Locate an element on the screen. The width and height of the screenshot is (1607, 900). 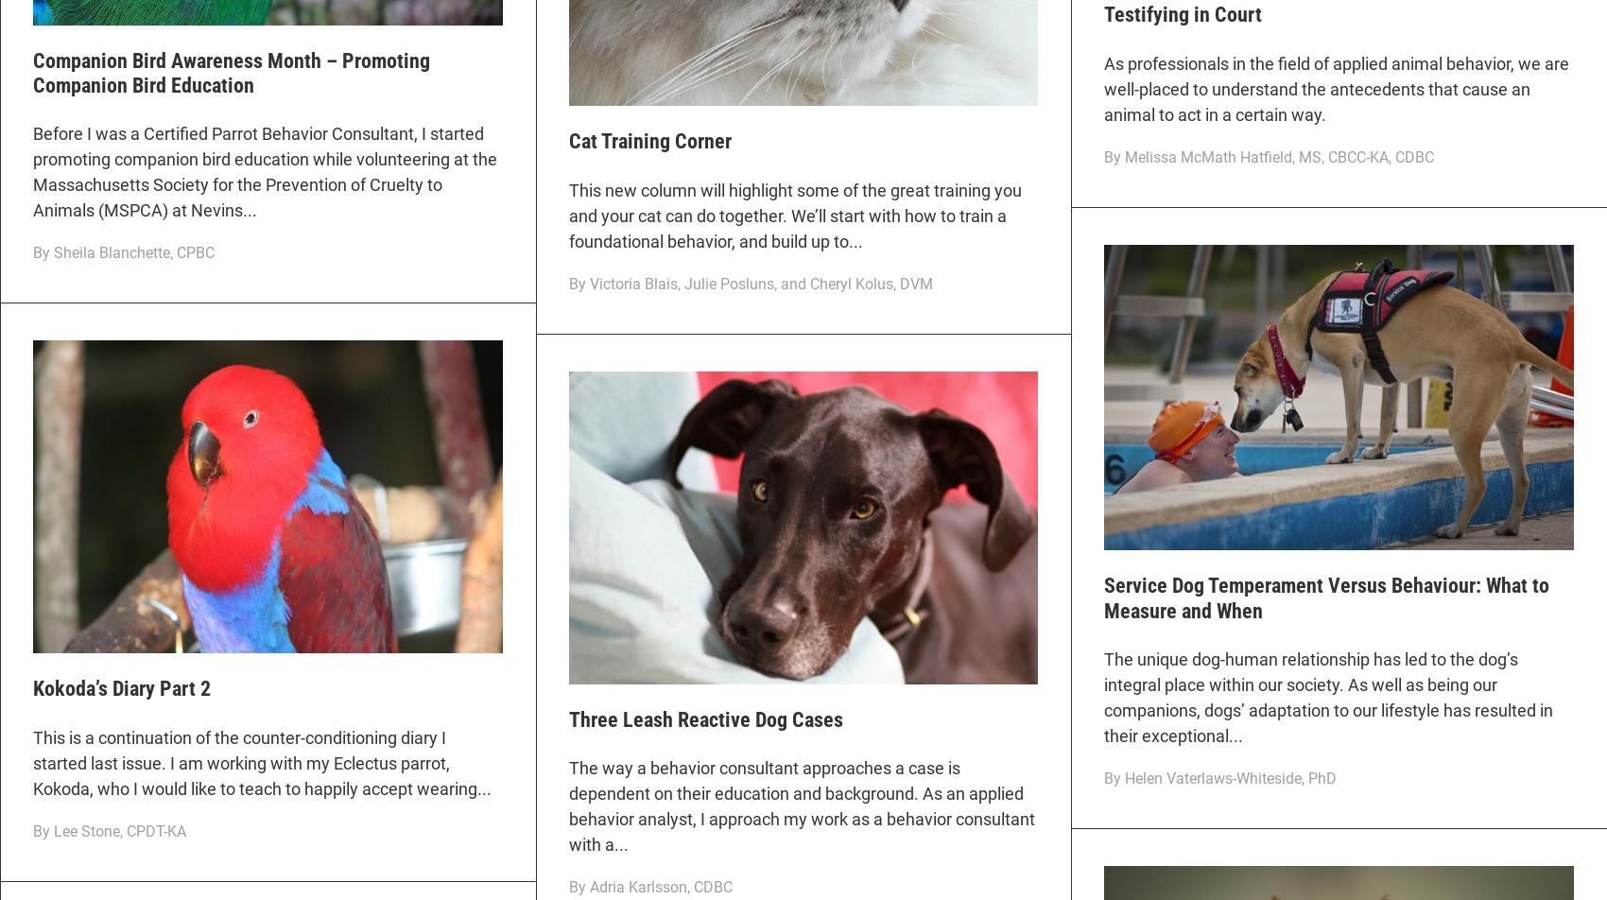
'By  Adria Karlsson, CDBC' is located at coordinates (649, 887).